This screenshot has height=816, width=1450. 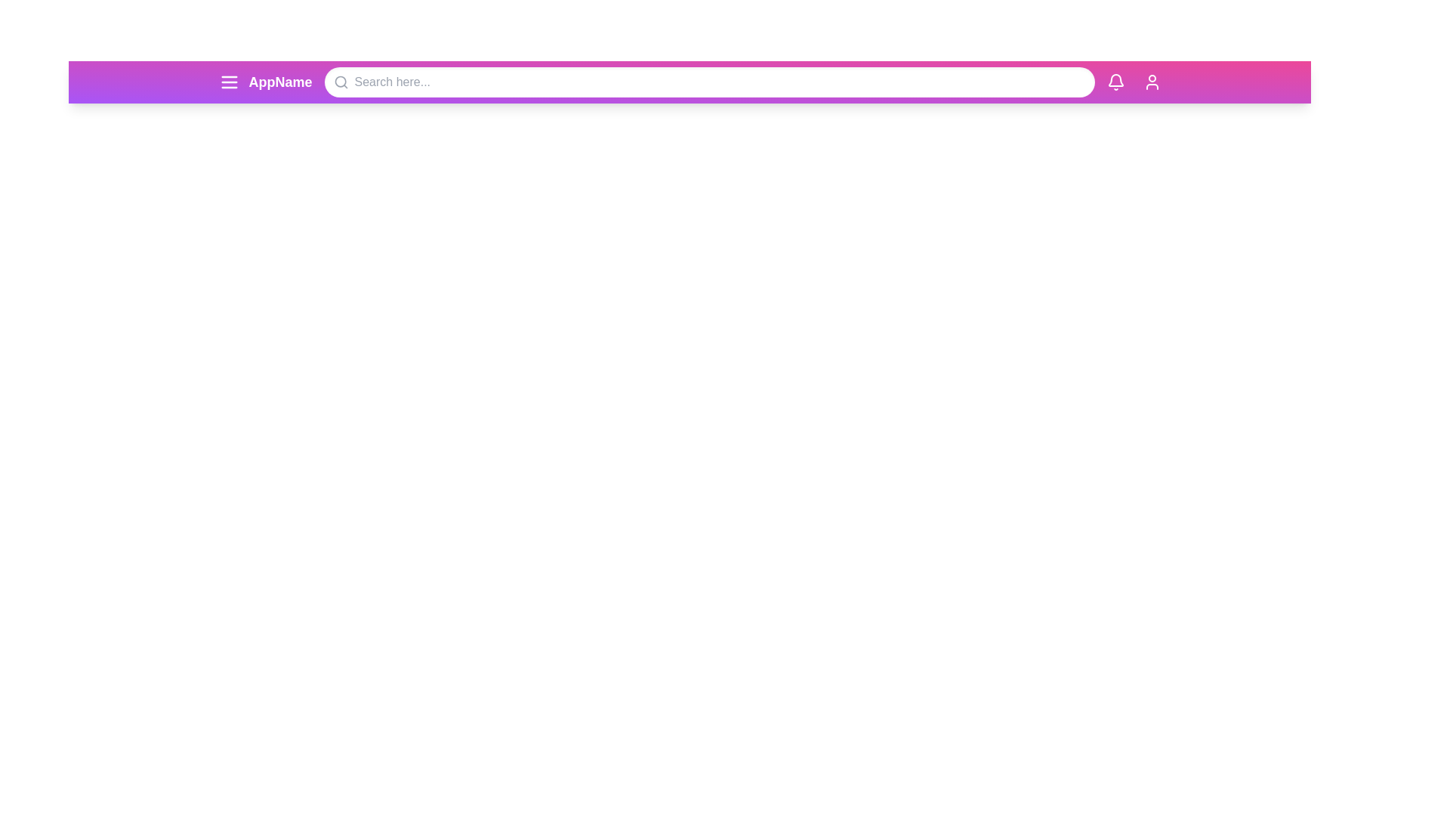 I want to click on menu button to open the navigation menu, so click(x=228, y=82).